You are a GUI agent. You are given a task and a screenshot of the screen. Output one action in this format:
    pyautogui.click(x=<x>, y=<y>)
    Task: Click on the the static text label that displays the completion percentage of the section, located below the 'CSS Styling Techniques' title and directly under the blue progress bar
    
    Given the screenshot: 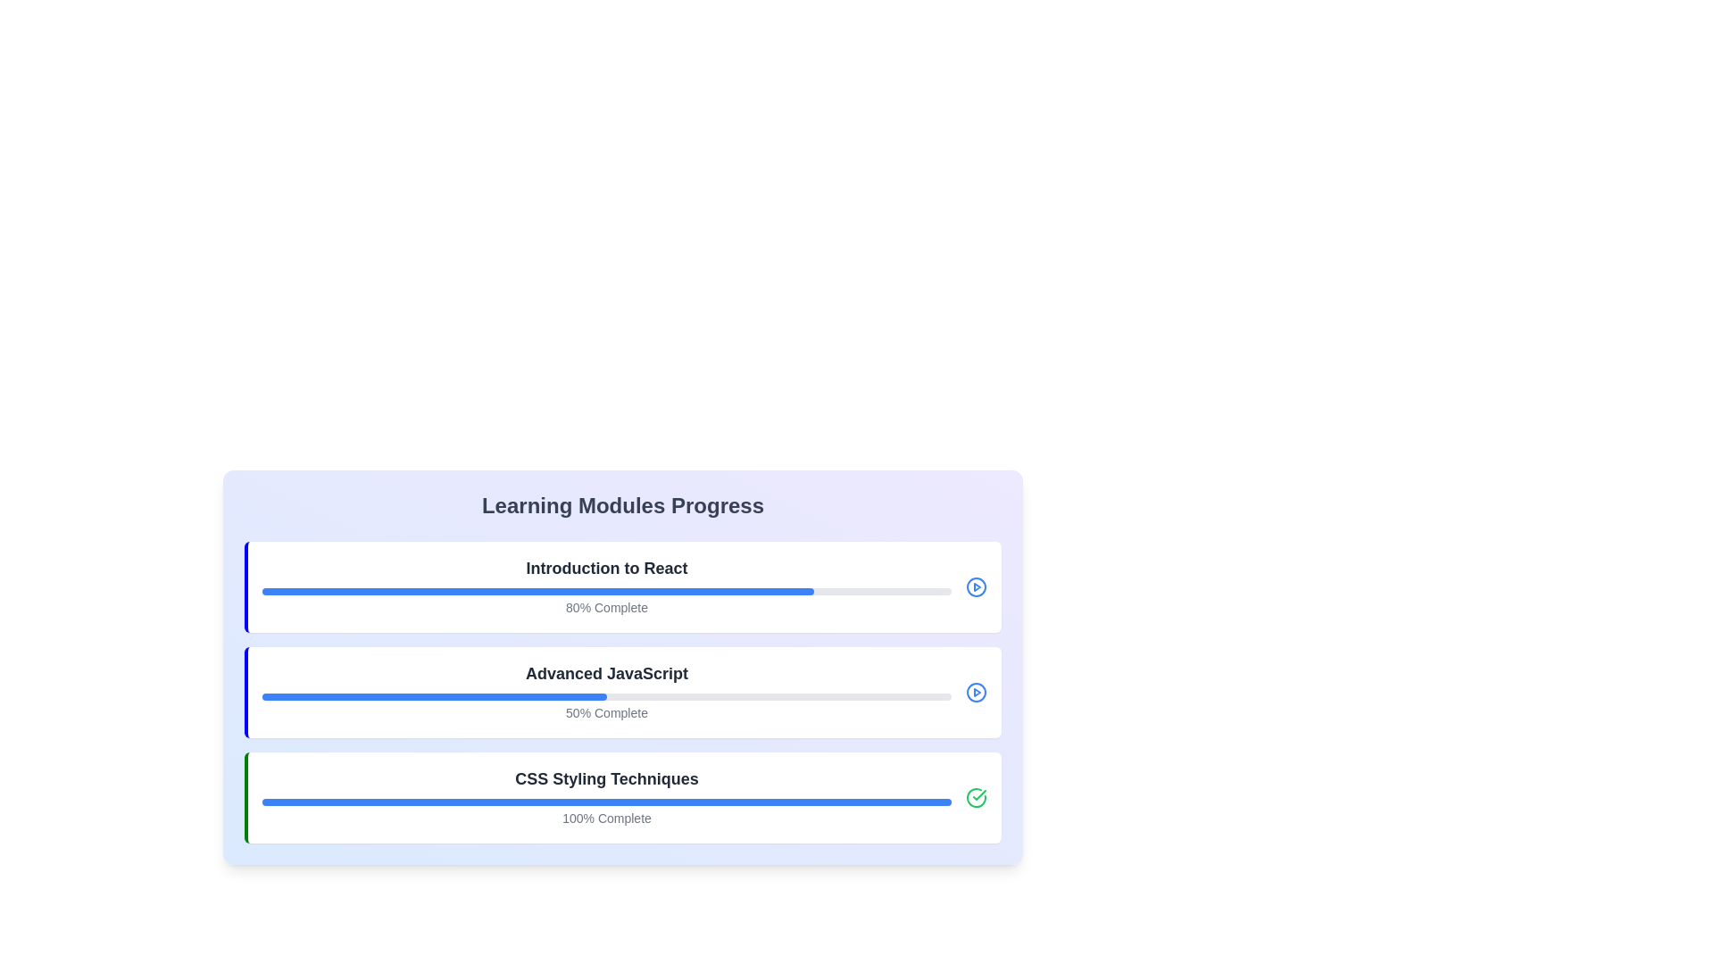 What is the action you would take?
    pyautogui.click(x=607, y=819)
    